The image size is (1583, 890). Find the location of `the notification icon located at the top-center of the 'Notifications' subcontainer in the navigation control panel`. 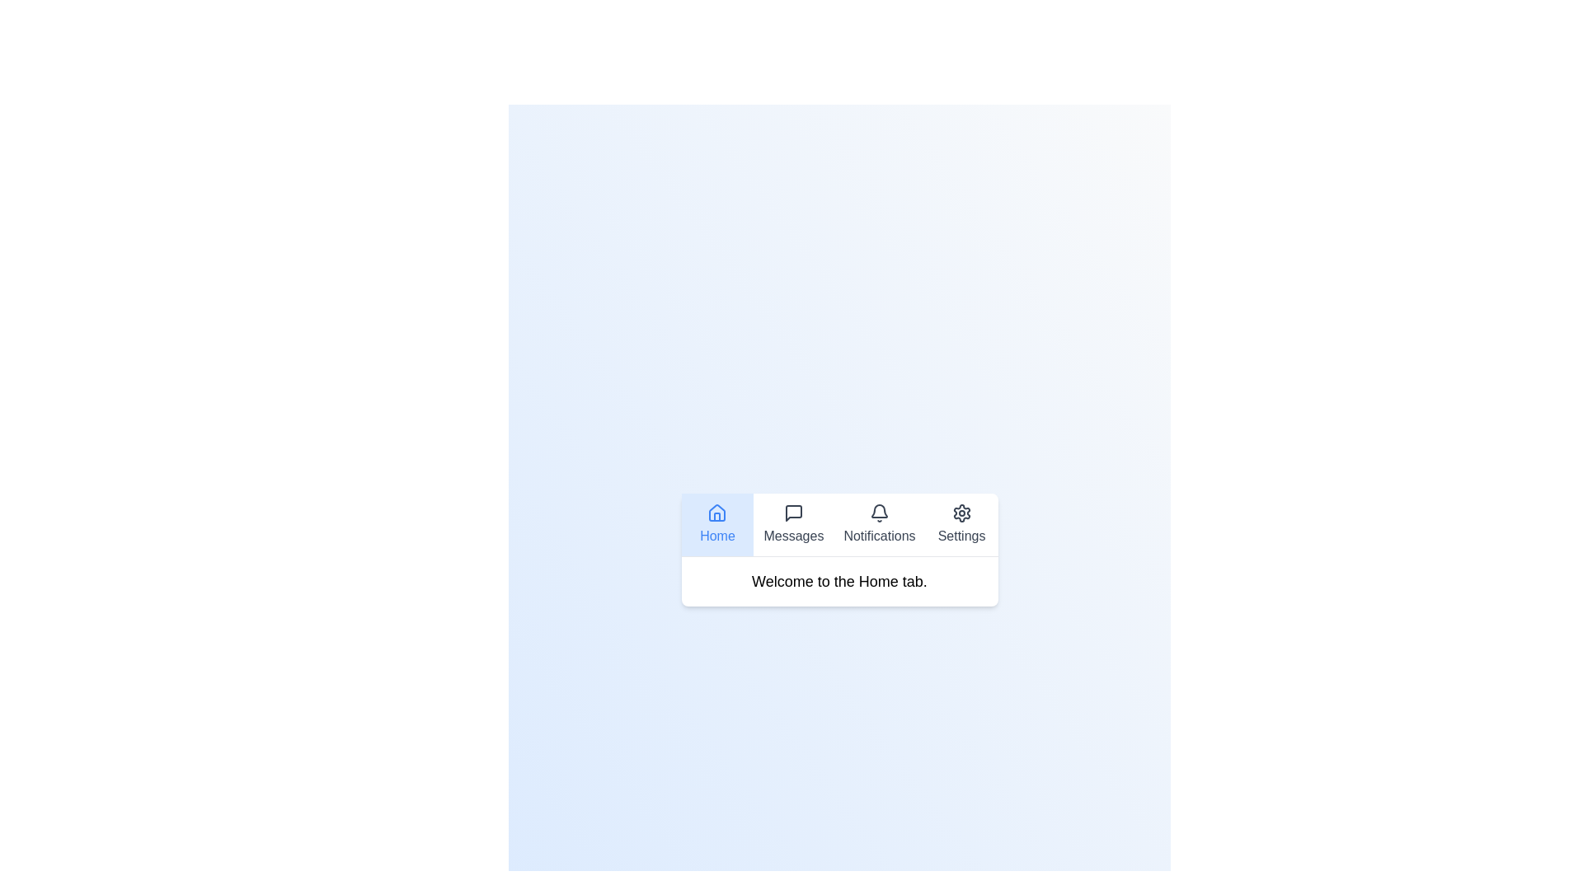

the notification icon located at the top-center of the 'Notifications' subcontainer in the navigation control panel is located at coordinates (878, 512).